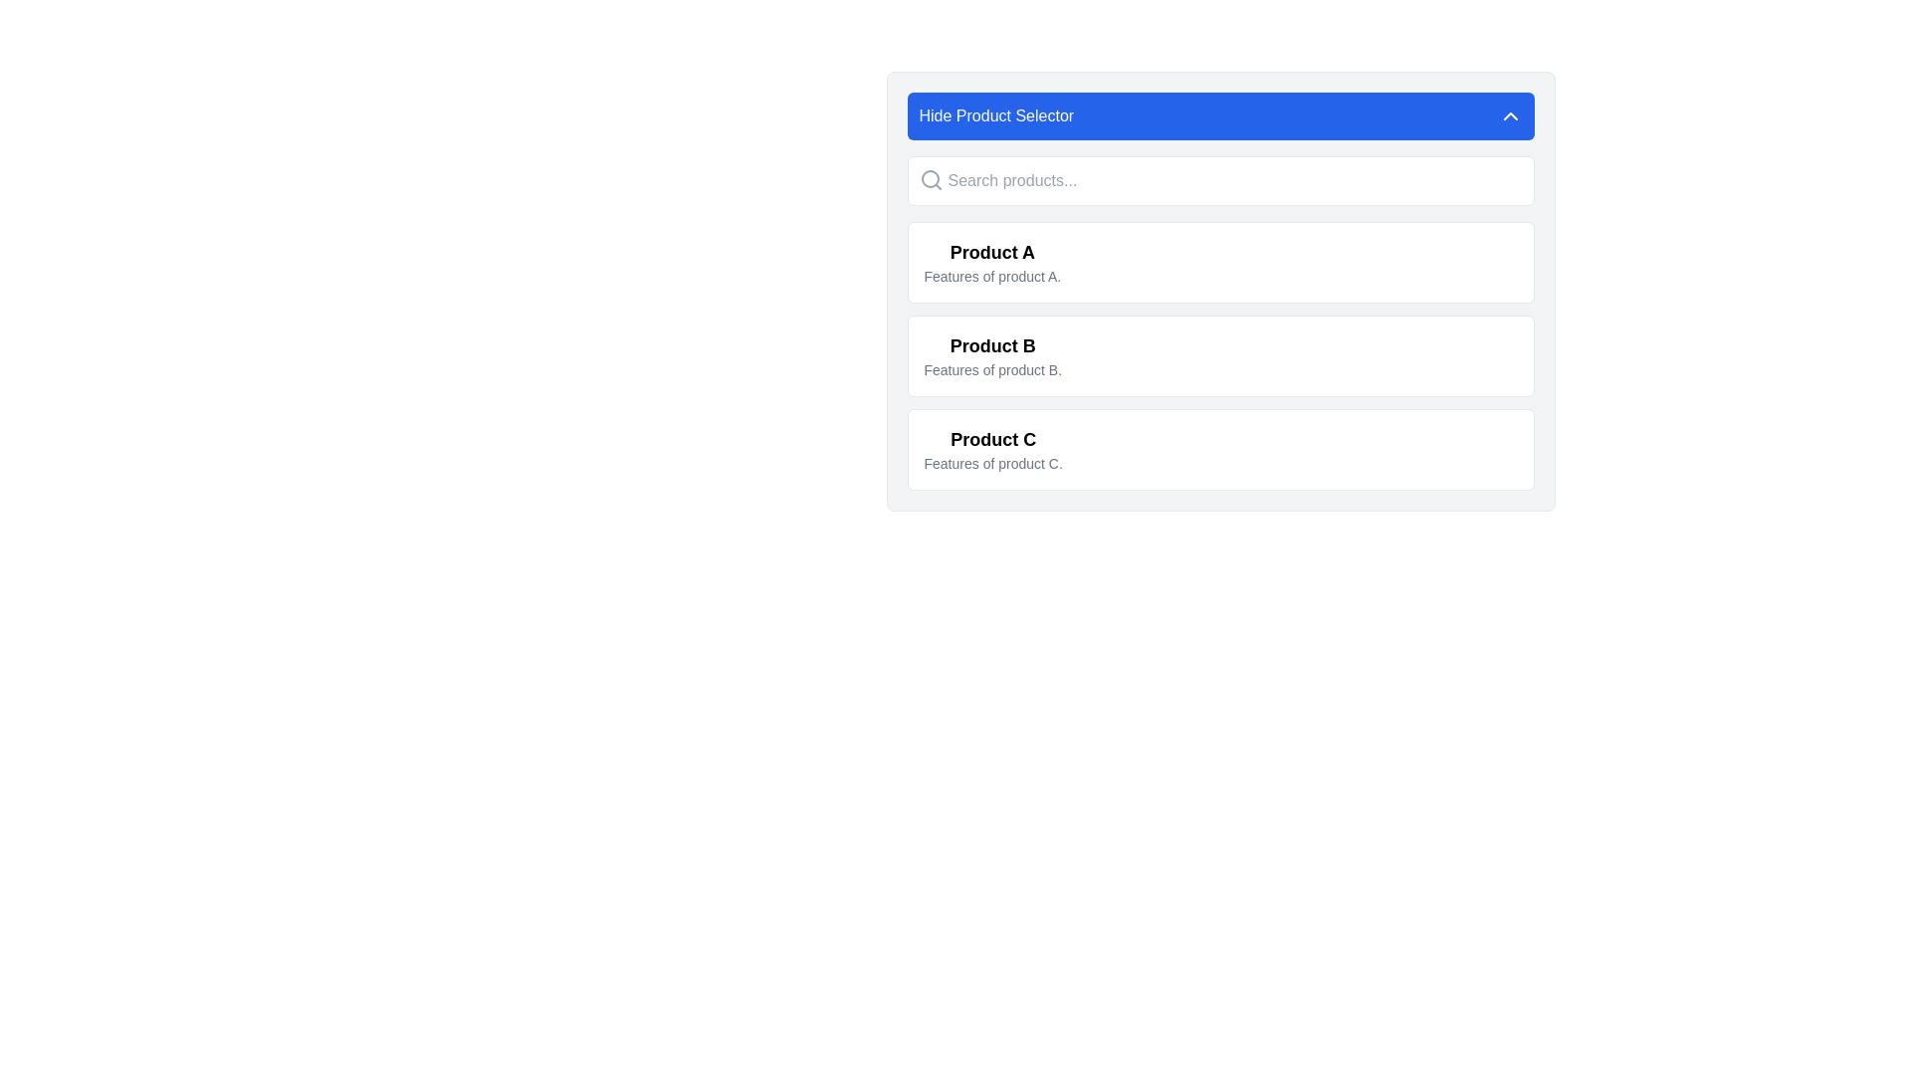  Describe the element at coordinates (992, 261) in the screenshot. I see `the heading and subheading text element labeled 'Product A'` at that location.